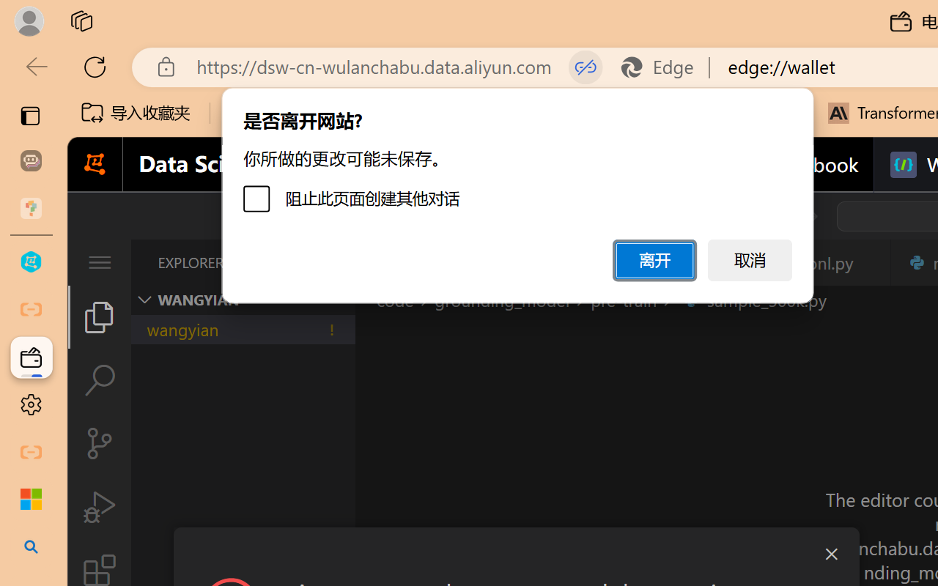  What do you see at coordinates (98, 262) in the screenshot?
I see `'Class: menubar compact overflow-menu-only'` at bounding box center [98, 262].